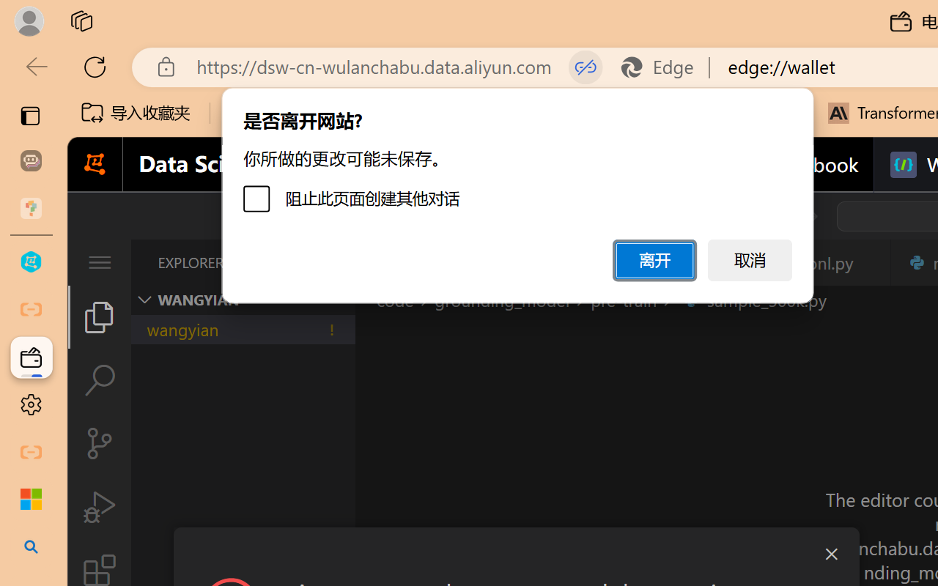  What do you see at coordinates (98, 262) in the screenshot?
I see `'Class: menubar compact overflow-menu-only'` at bounding box center [98, 262].